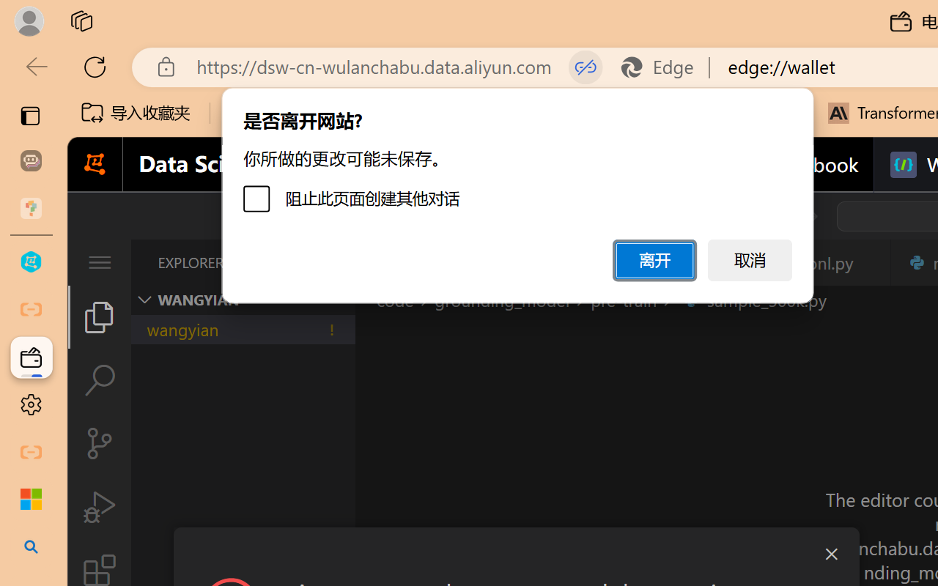  What do you see at coordinates (98, 262) in the screenshot?
I see `'Class: menubar compact overflow-menu-only'` at bounding box center [98, 262].